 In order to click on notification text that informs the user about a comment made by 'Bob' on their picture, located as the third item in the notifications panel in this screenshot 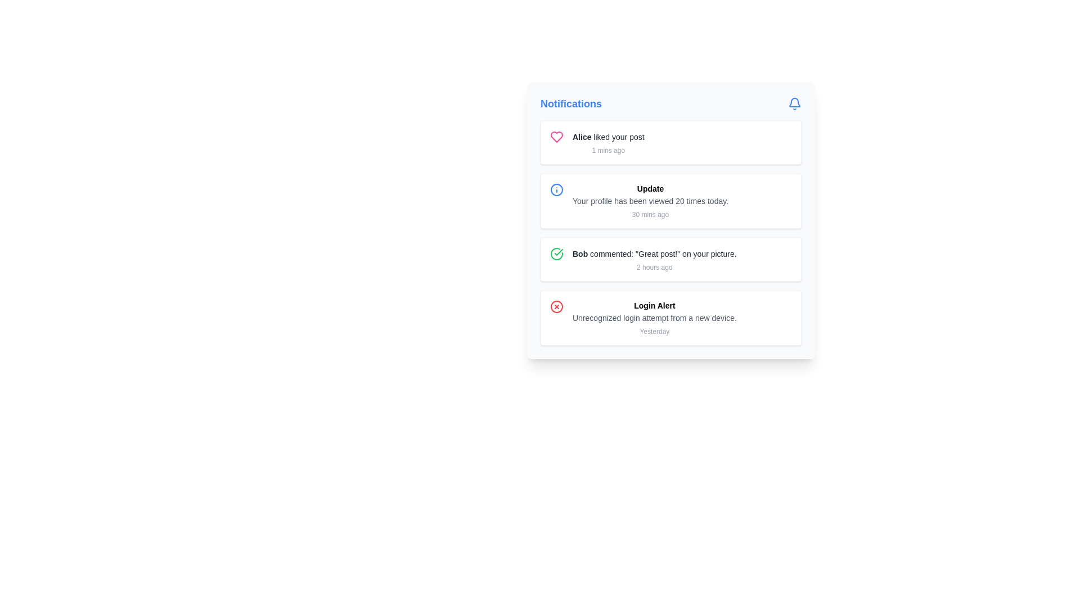, I will do `click(654, 260)`.